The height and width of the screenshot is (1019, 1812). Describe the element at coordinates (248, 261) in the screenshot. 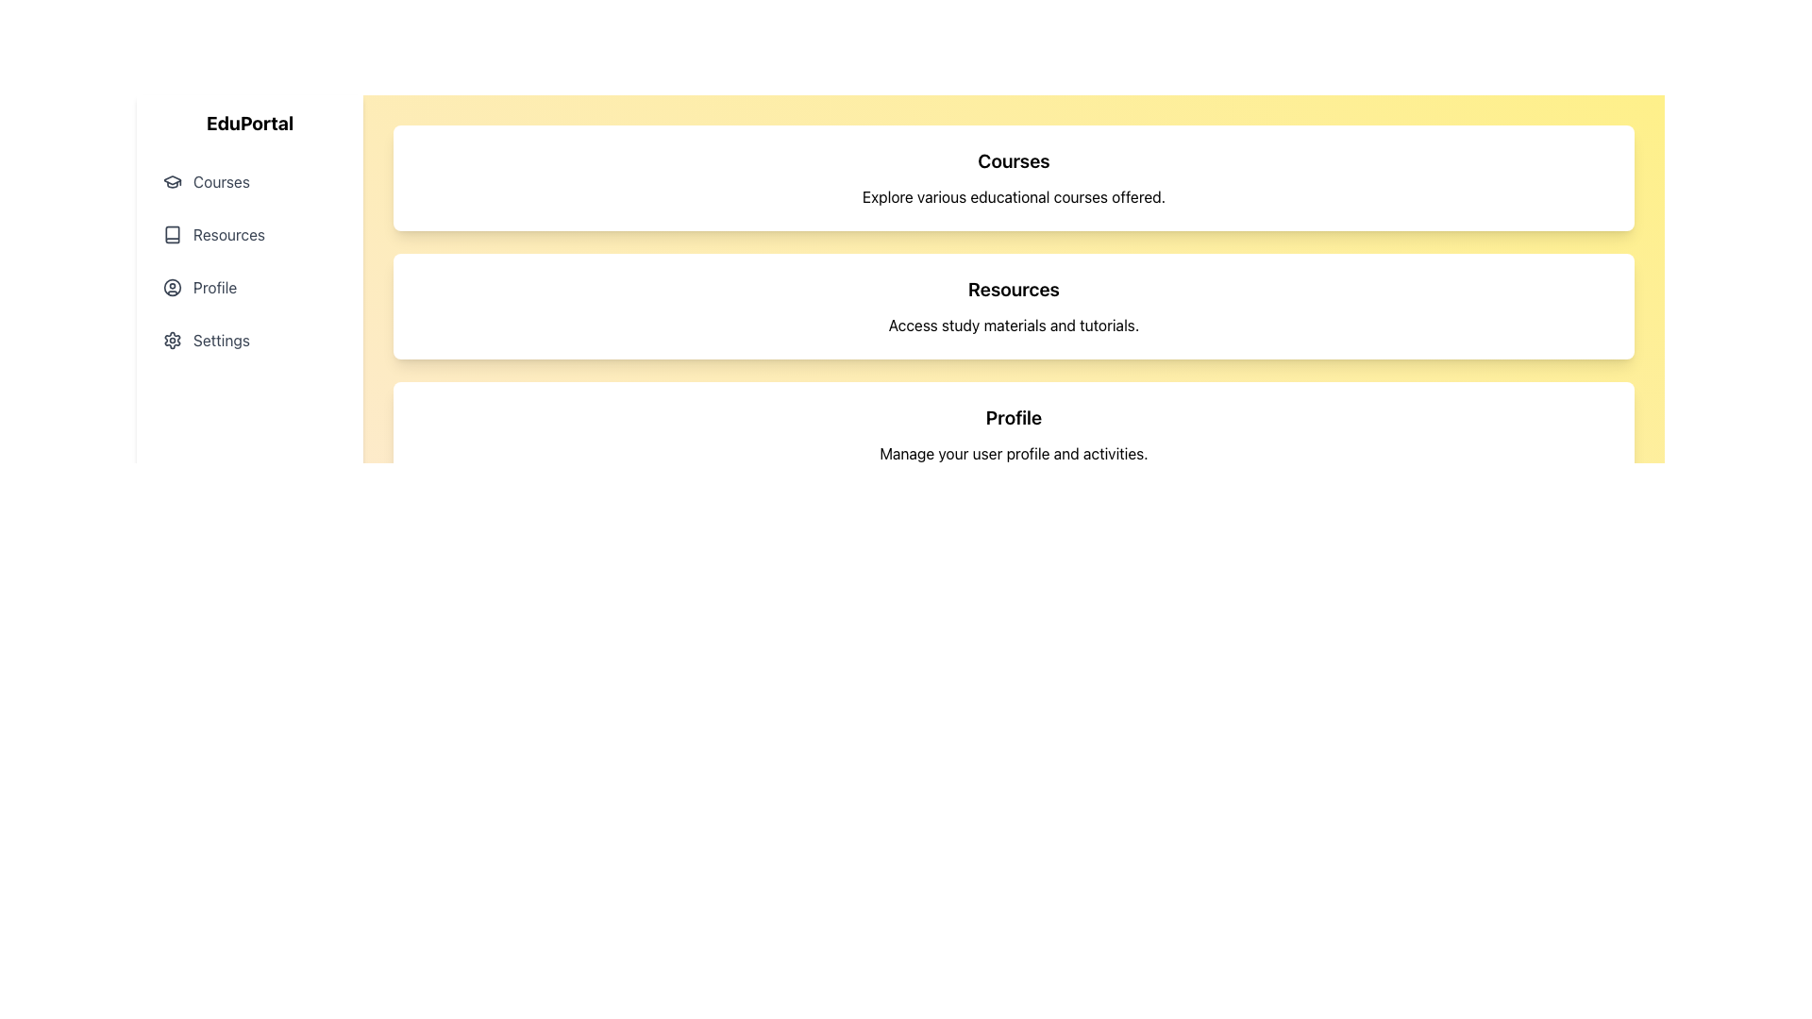

I see `the 'Resources' navigational menu item located in the left-hand navigation drawer, which is the second option in the list` at that location.